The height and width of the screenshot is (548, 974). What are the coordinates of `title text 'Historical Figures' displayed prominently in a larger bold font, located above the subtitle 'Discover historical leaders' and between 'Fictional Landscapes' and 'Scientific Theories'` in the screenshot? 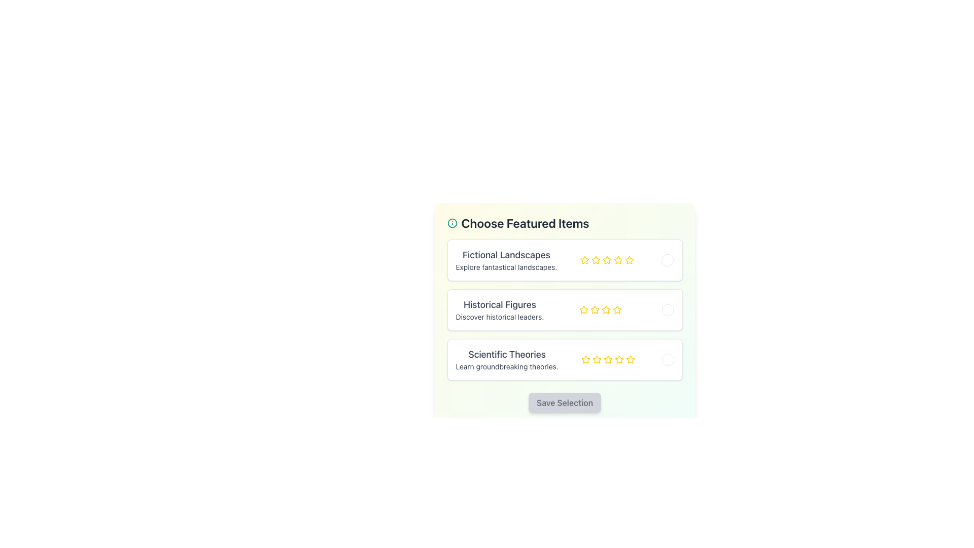 It's located at (500, 304).